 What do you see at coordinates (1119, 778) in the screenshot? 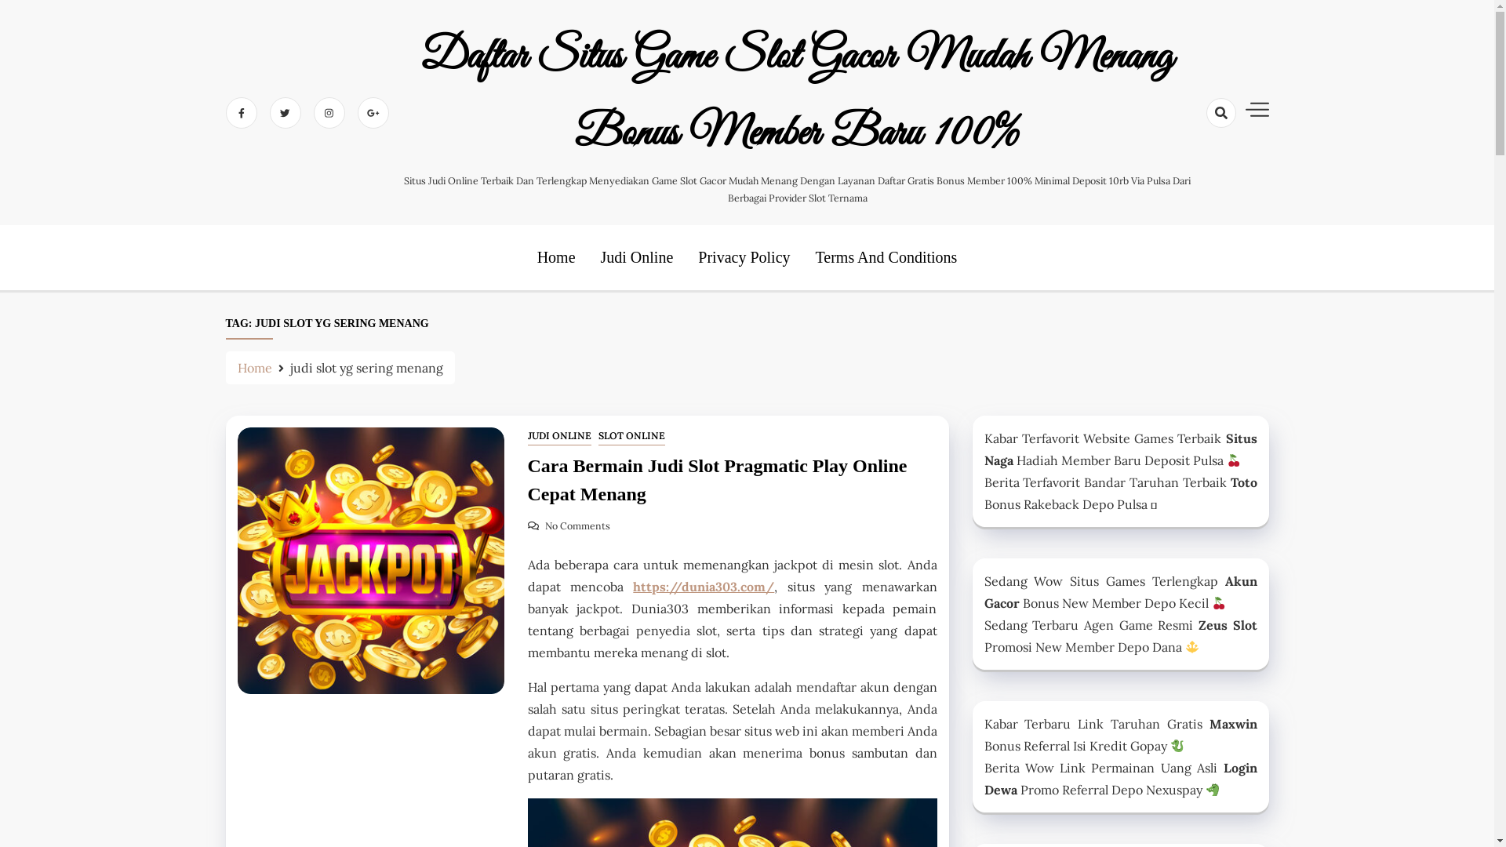
I see `'Login Dewa'` at bounding box center [1119, 778].